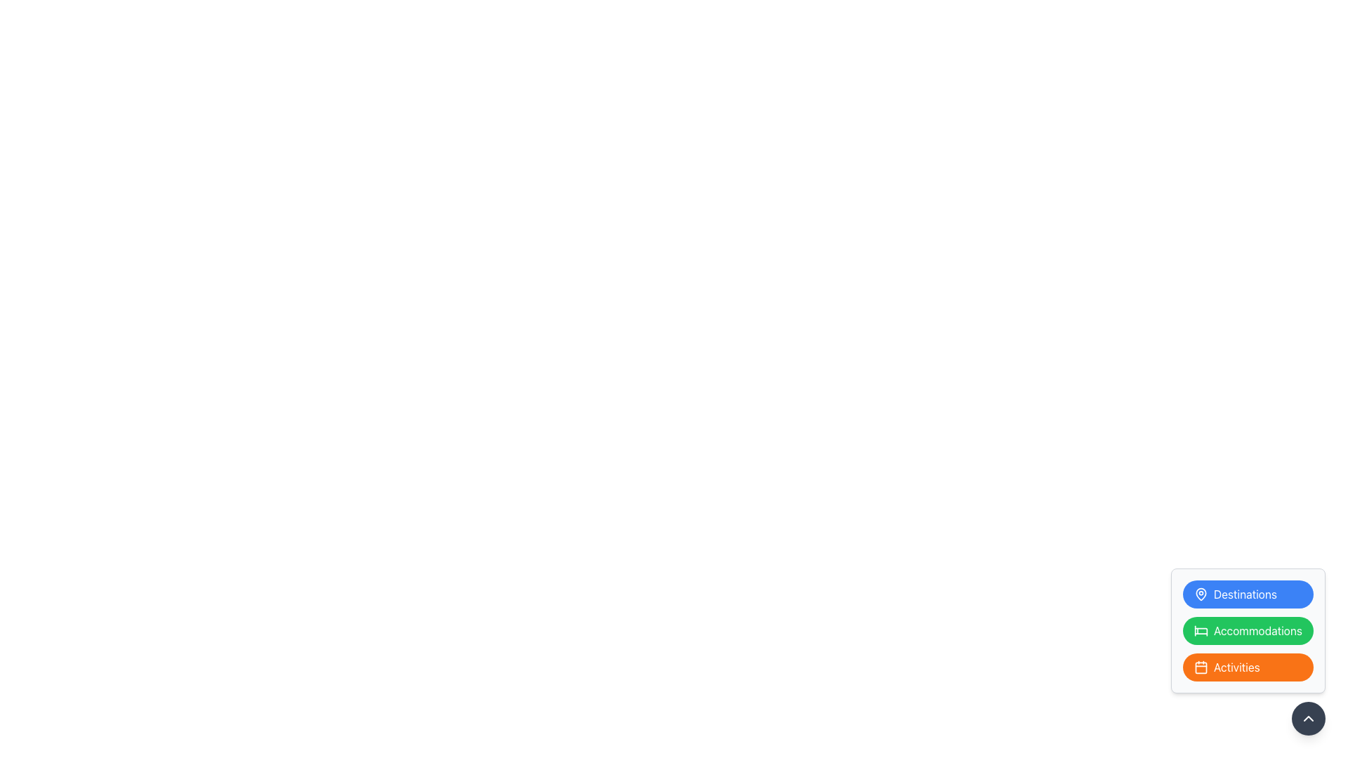 This screenshot has width=1348, height=758. What do you see at coordinates (1248, 594) in the screenshot?
I see `the 'Destinations' button, which is a horizontal button with a blue background and a map pin icon, to change its background color` at bounding box center [1248, 594].